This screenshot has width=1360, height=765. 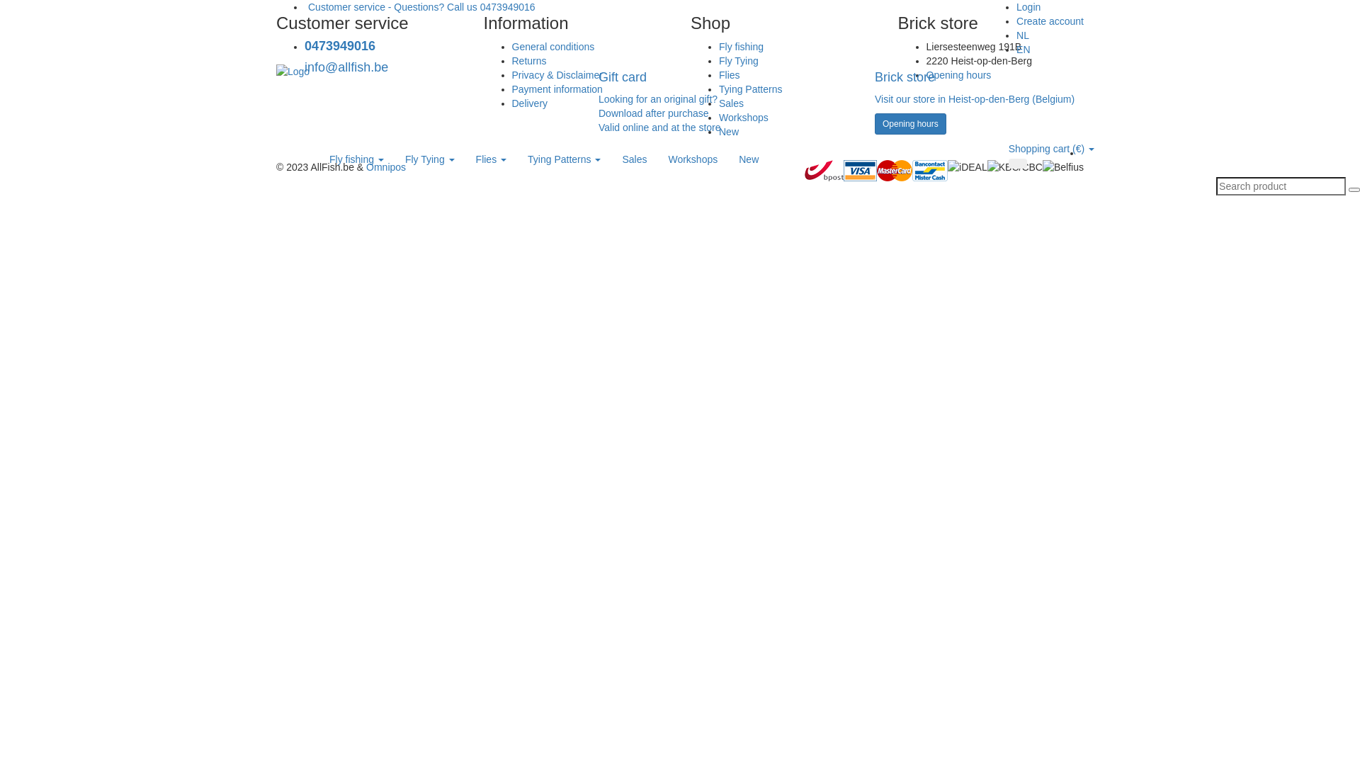 I want to click on 'Fly fishing', so click(x=356, y=159).